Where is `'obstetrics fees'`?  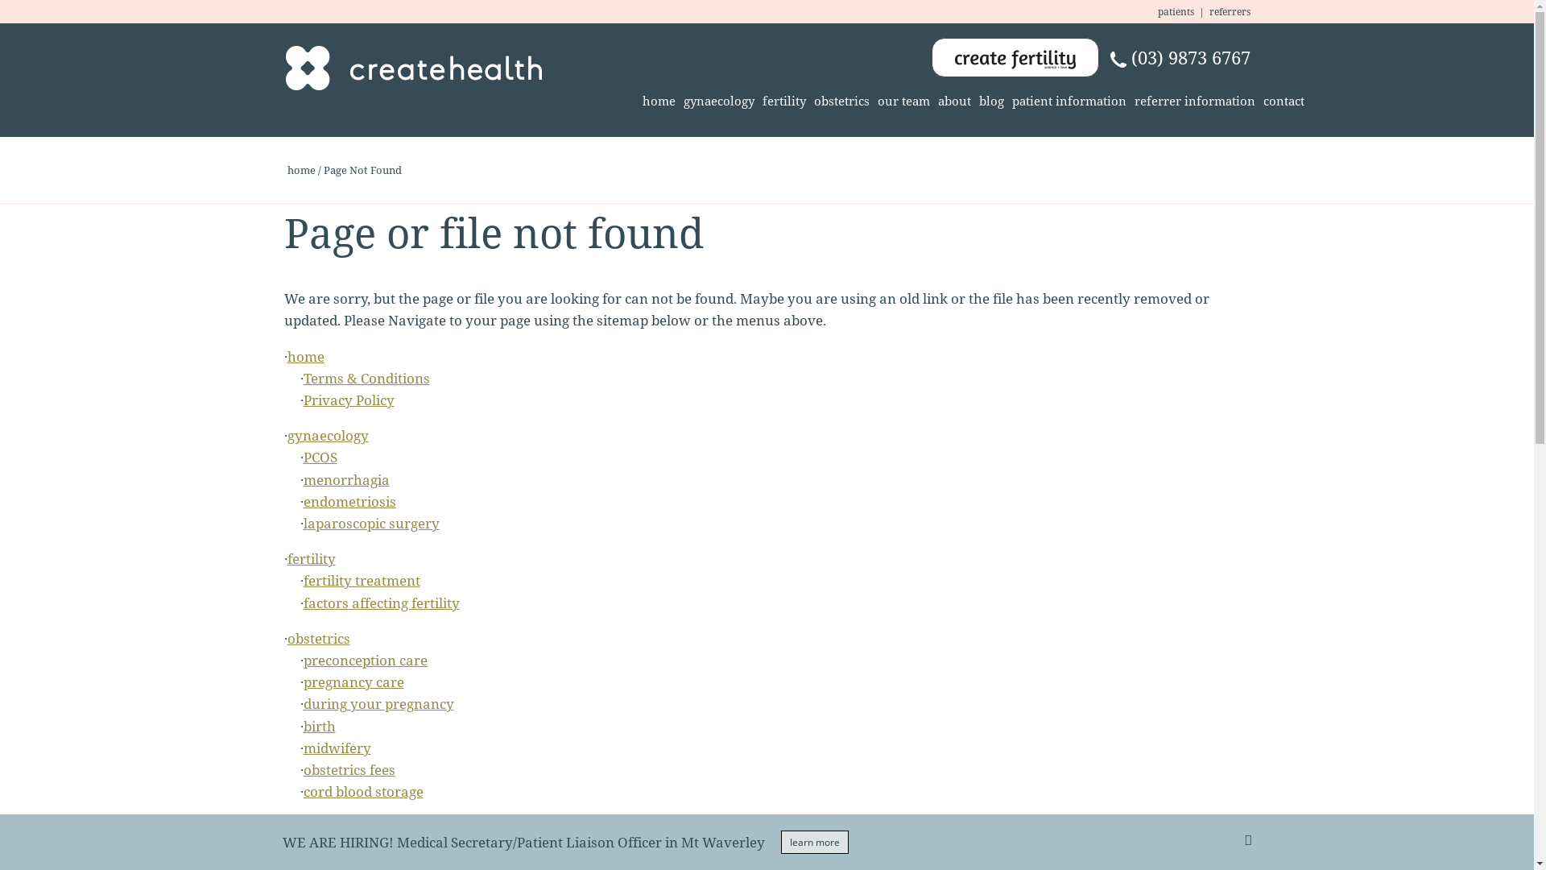 'obstetrics fees' is located at coordinates (347, 768).